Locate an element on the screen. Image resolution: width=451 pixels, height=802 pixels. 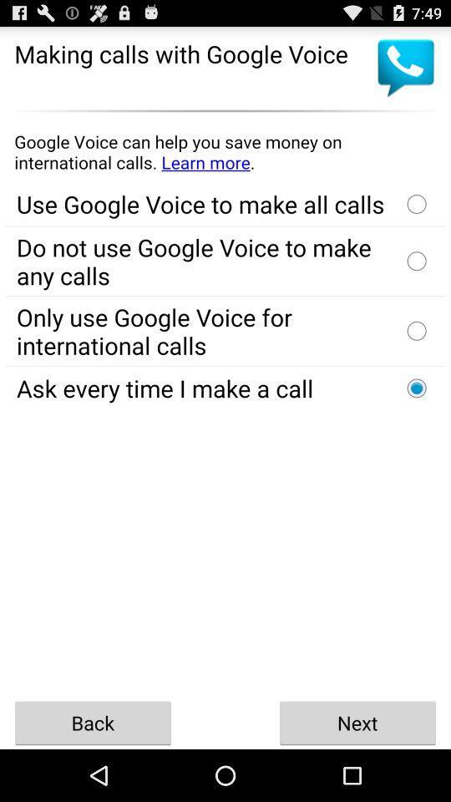
search is located at coordinates (225, 152).